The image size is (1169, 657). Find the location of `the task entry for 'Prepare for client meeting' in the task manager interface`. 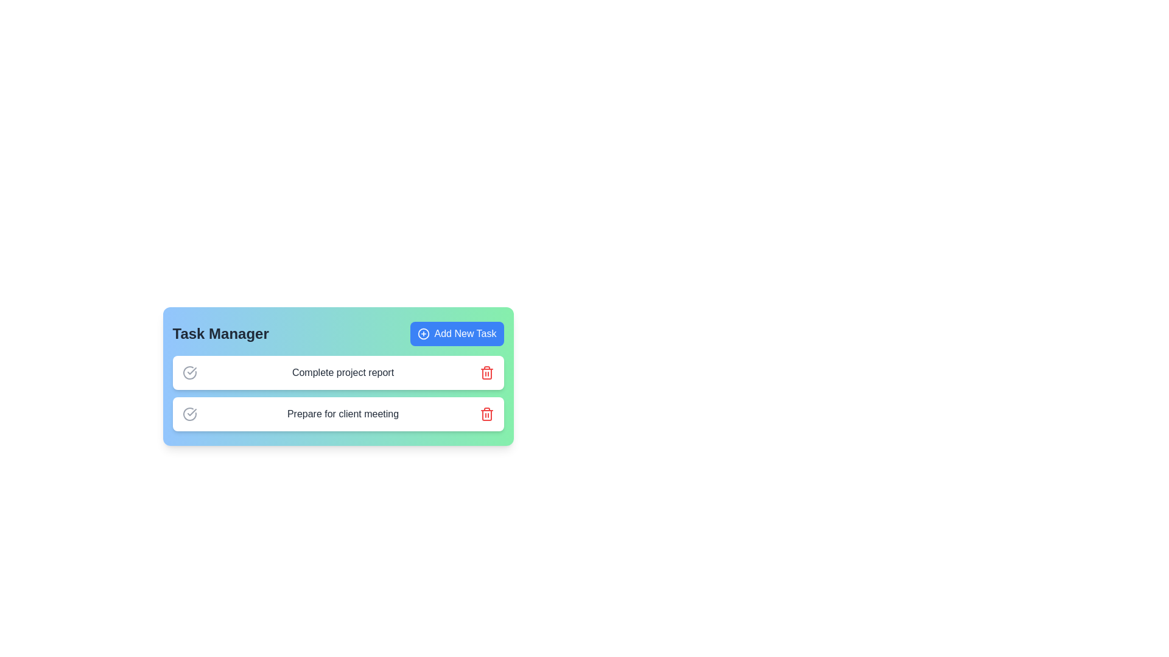

the task entry for 'Prepare for client meeting' in the task manager interface is located at coordinates (338, 414).